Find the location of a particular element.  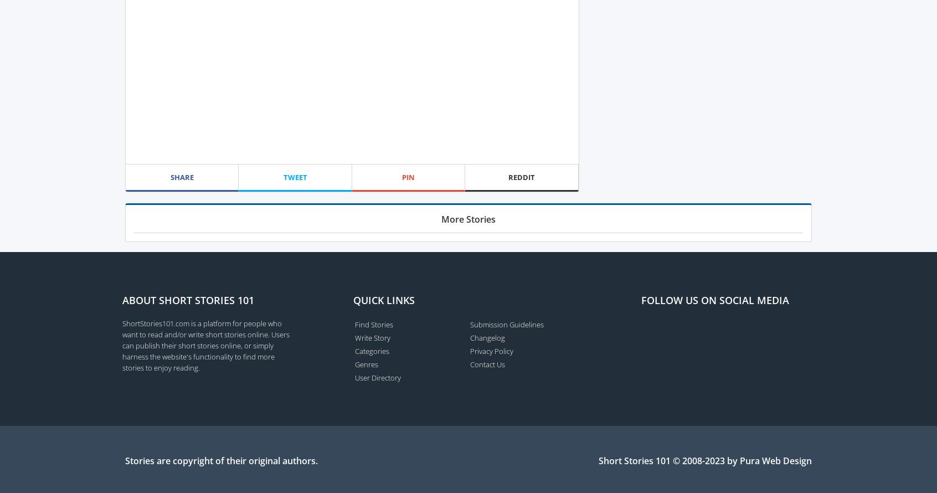

'Short Stories 101 © 2008-2023 by' is located at coordinates (669, 459).